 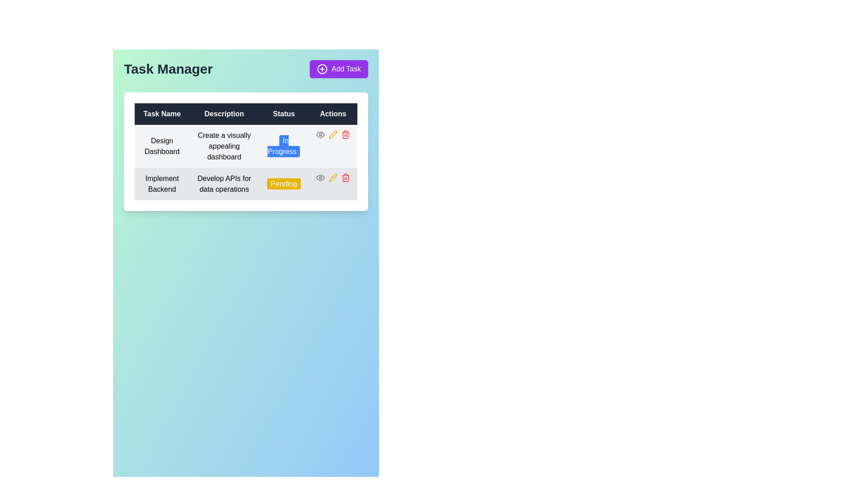 I want to click on the table row containing the text 'Implement Backend', which is the second row in the table and has a yellow background for the status 'Pending', so click(x=246, y=183).